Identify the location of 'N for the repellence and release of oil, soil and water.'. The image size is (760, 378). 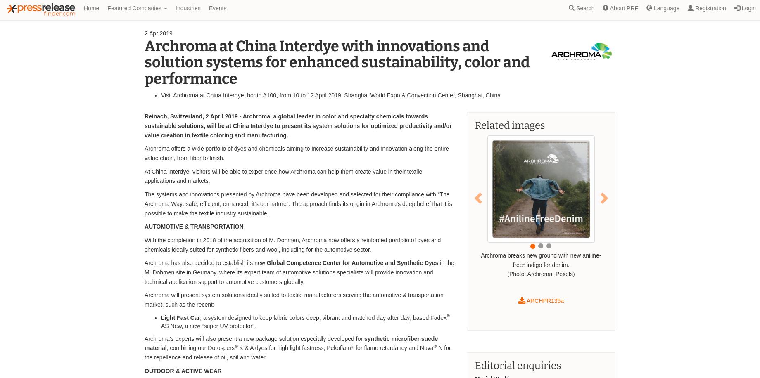
(297, 352).